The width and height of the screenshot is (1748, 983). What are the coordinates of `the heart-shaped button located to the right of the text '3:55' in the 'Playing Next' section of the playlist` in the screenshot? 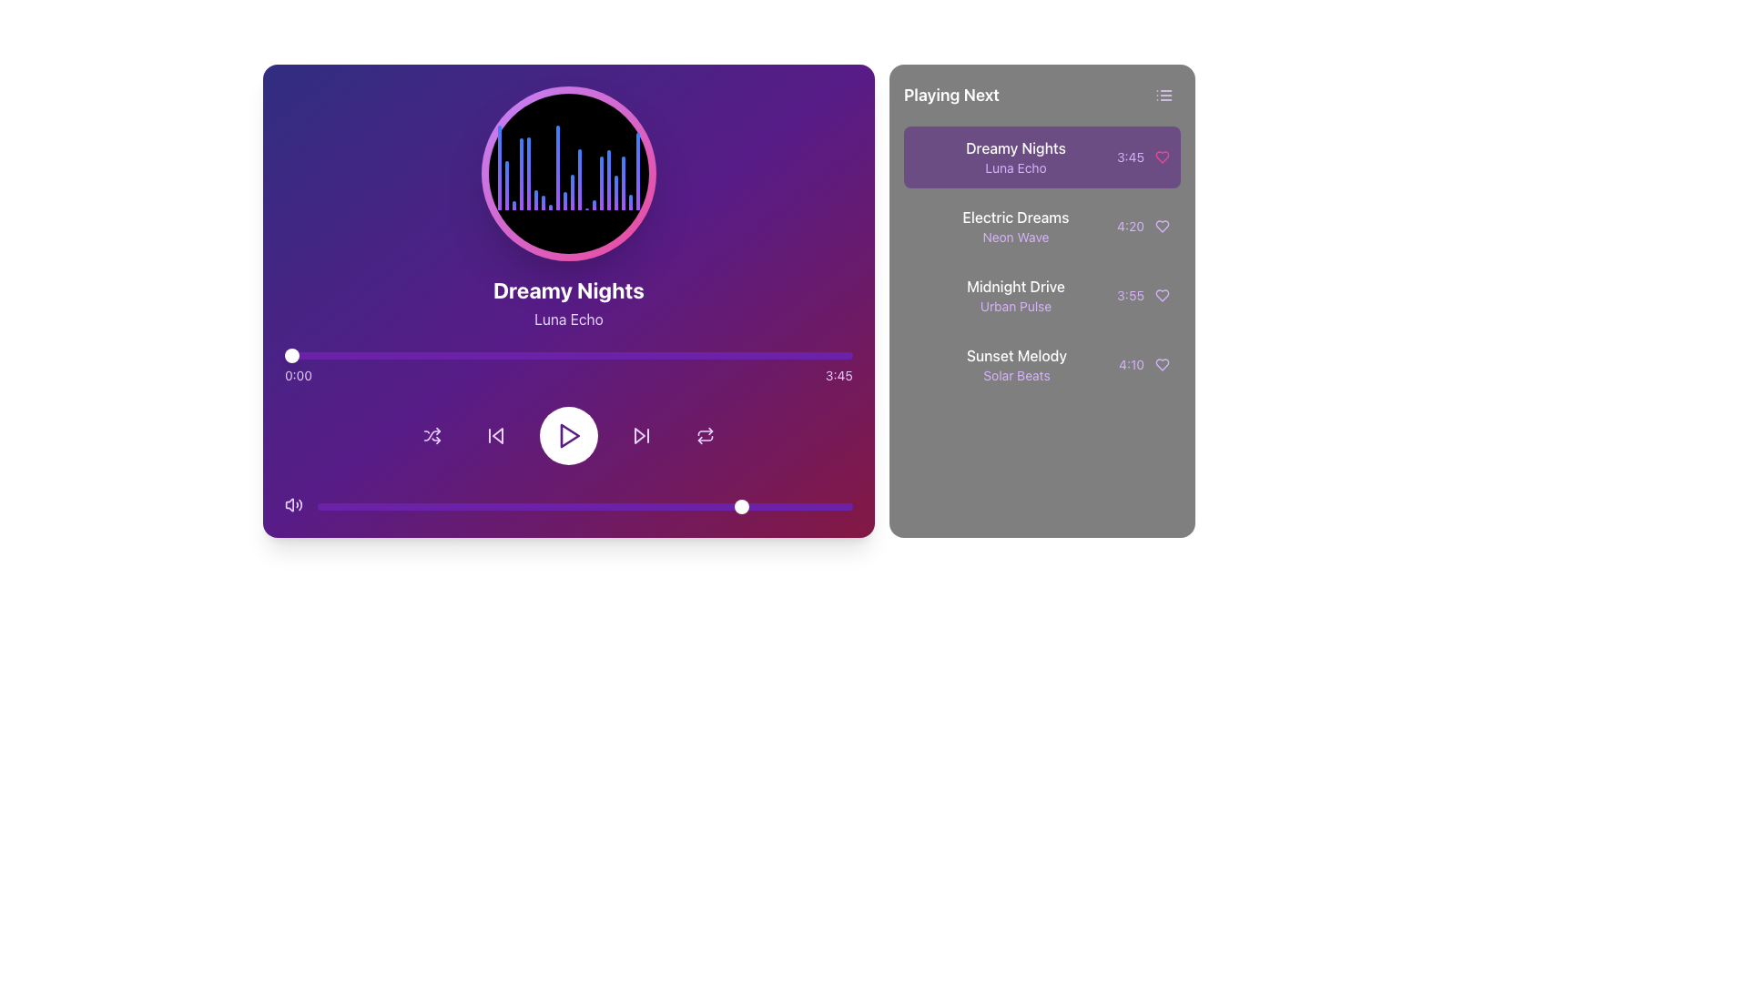 It's located at (1161, 294).